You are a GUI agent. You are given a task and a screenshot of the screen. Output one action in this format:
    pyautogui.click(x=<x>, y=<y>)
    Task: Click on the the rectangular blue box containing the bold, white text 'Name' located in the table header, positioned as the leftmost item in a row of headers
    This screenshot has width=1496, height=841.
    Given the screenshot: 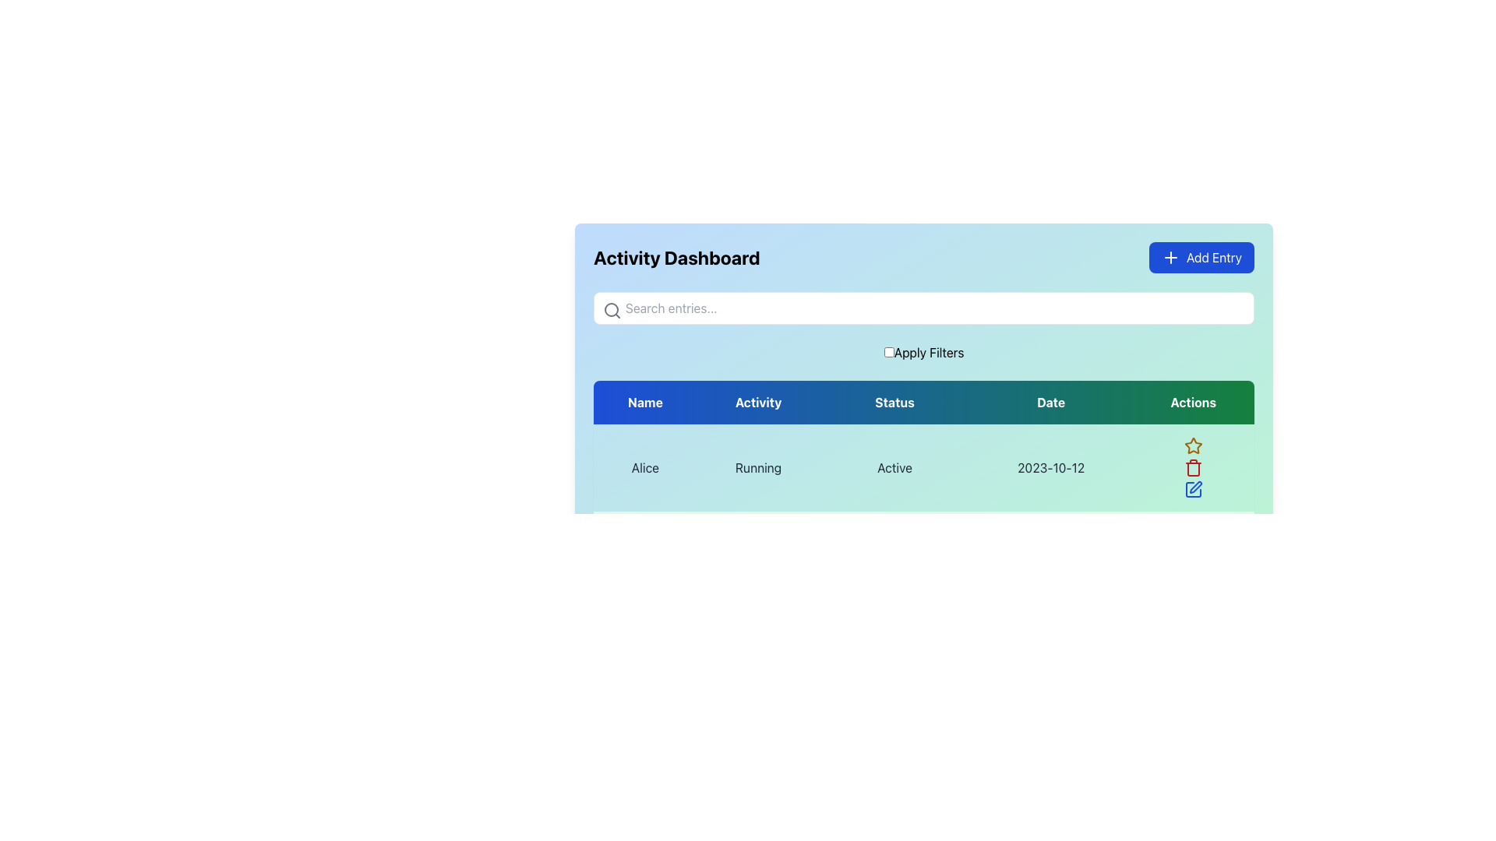 What is the action you would take?
    pyautogui.click(x=645, y=401)
    